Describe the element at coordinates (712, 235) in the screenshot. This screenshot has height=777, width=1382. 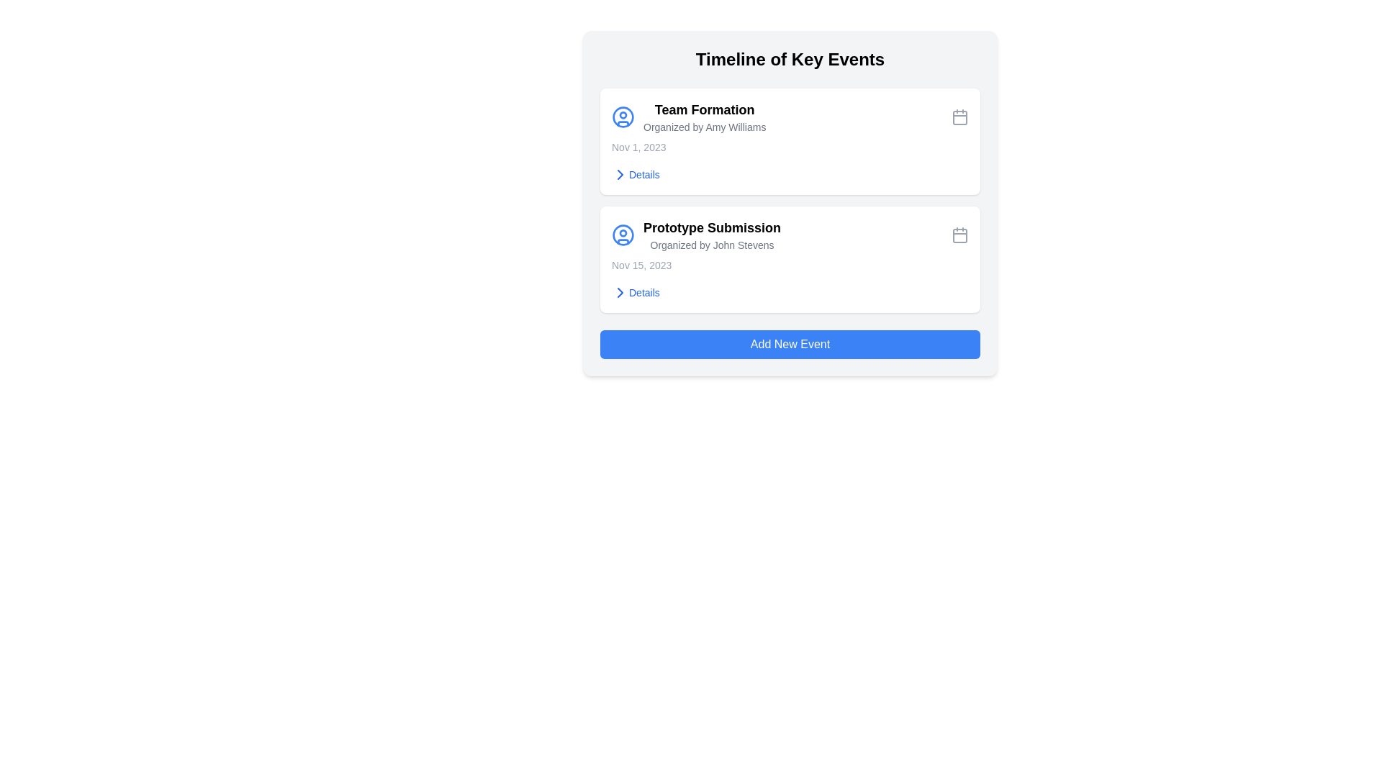
I see `the text element displaying the title and organizer of the event located on the second card` at that location.